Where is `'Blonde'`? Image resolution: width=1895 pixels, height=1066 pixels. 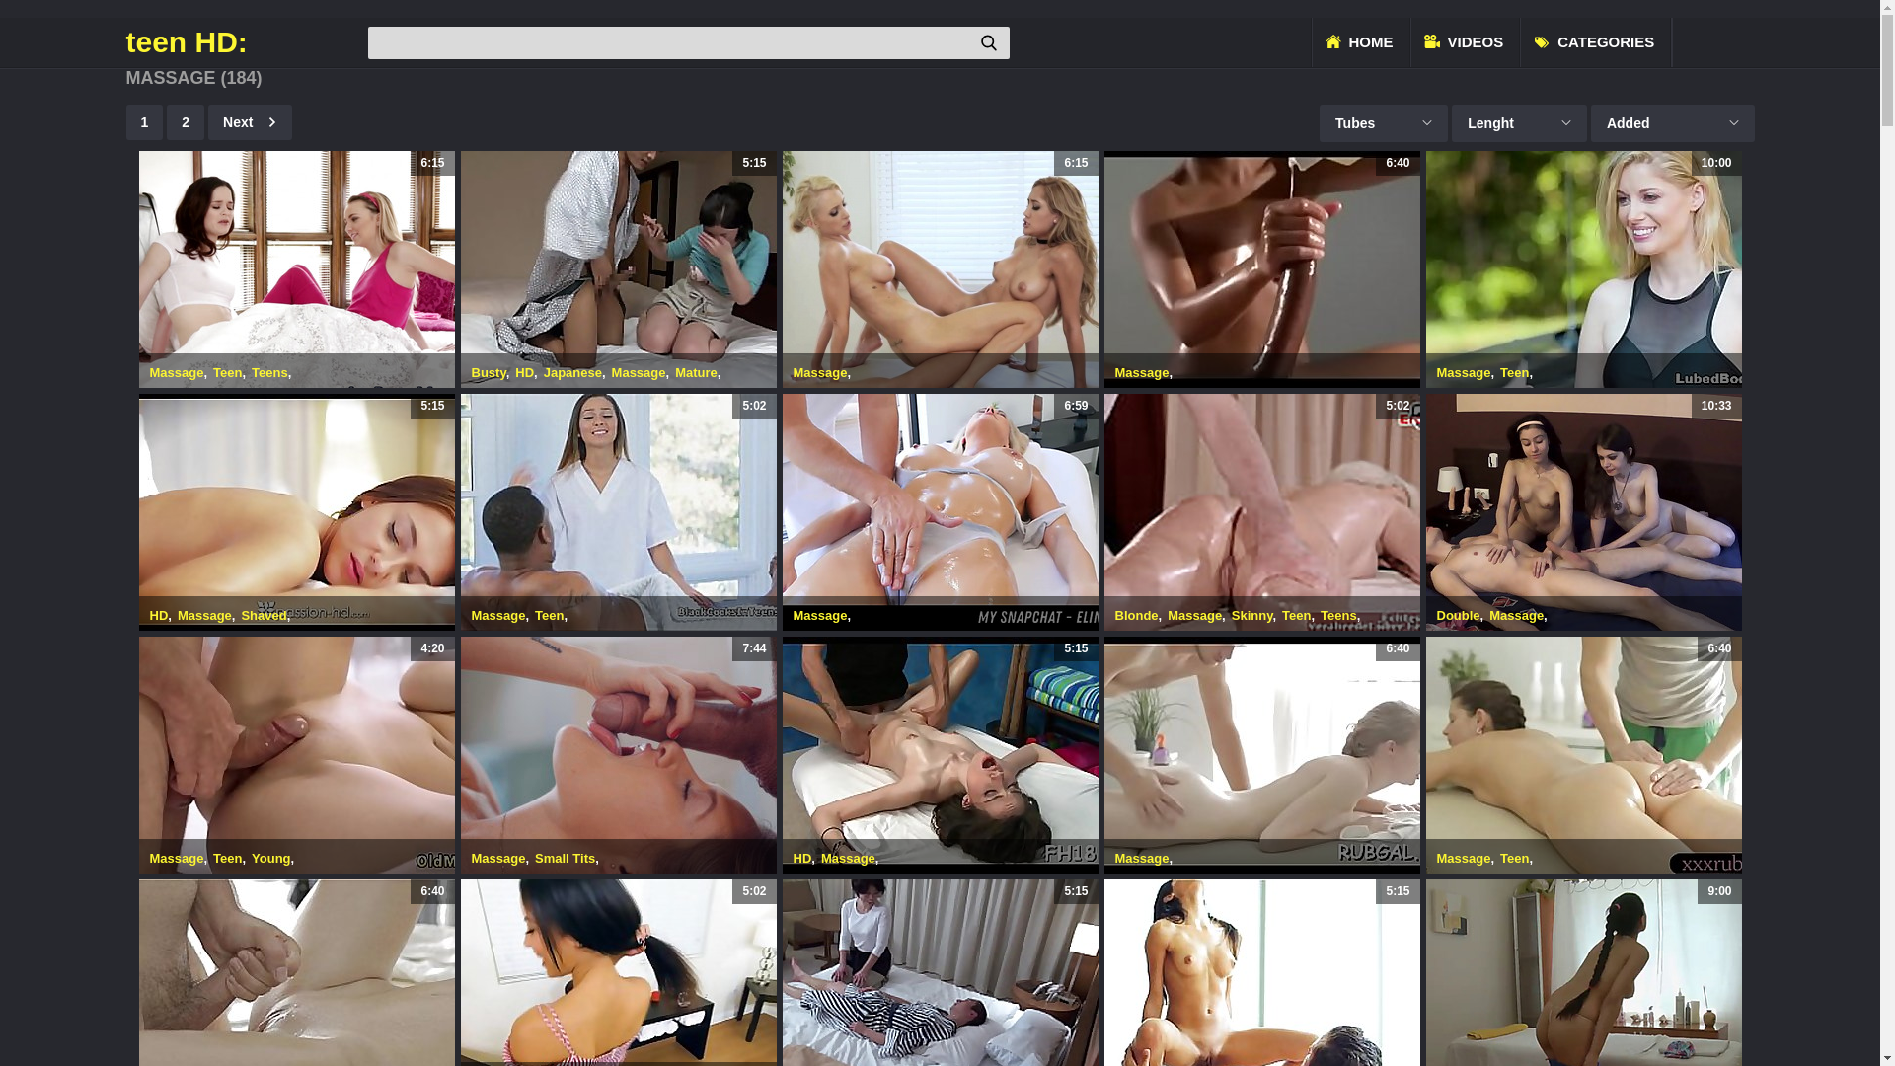
'Blonde' is located at coordinates (1137, 614).